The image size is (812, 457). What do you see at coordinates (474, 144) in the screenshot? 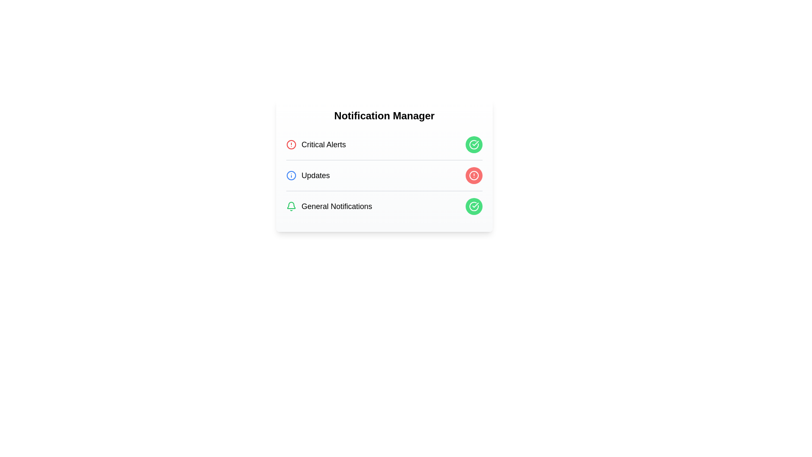
I see `the button corresponding to 'Critical Alerts'` at bounding box center [474, 144].